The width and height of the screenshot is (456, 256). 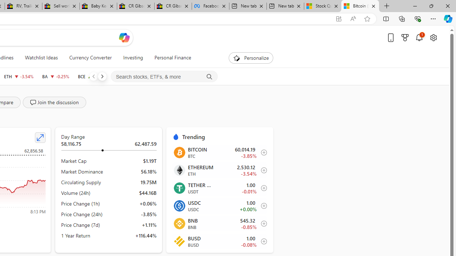 I want to click on 'USDC', so click(x=179, y=206).